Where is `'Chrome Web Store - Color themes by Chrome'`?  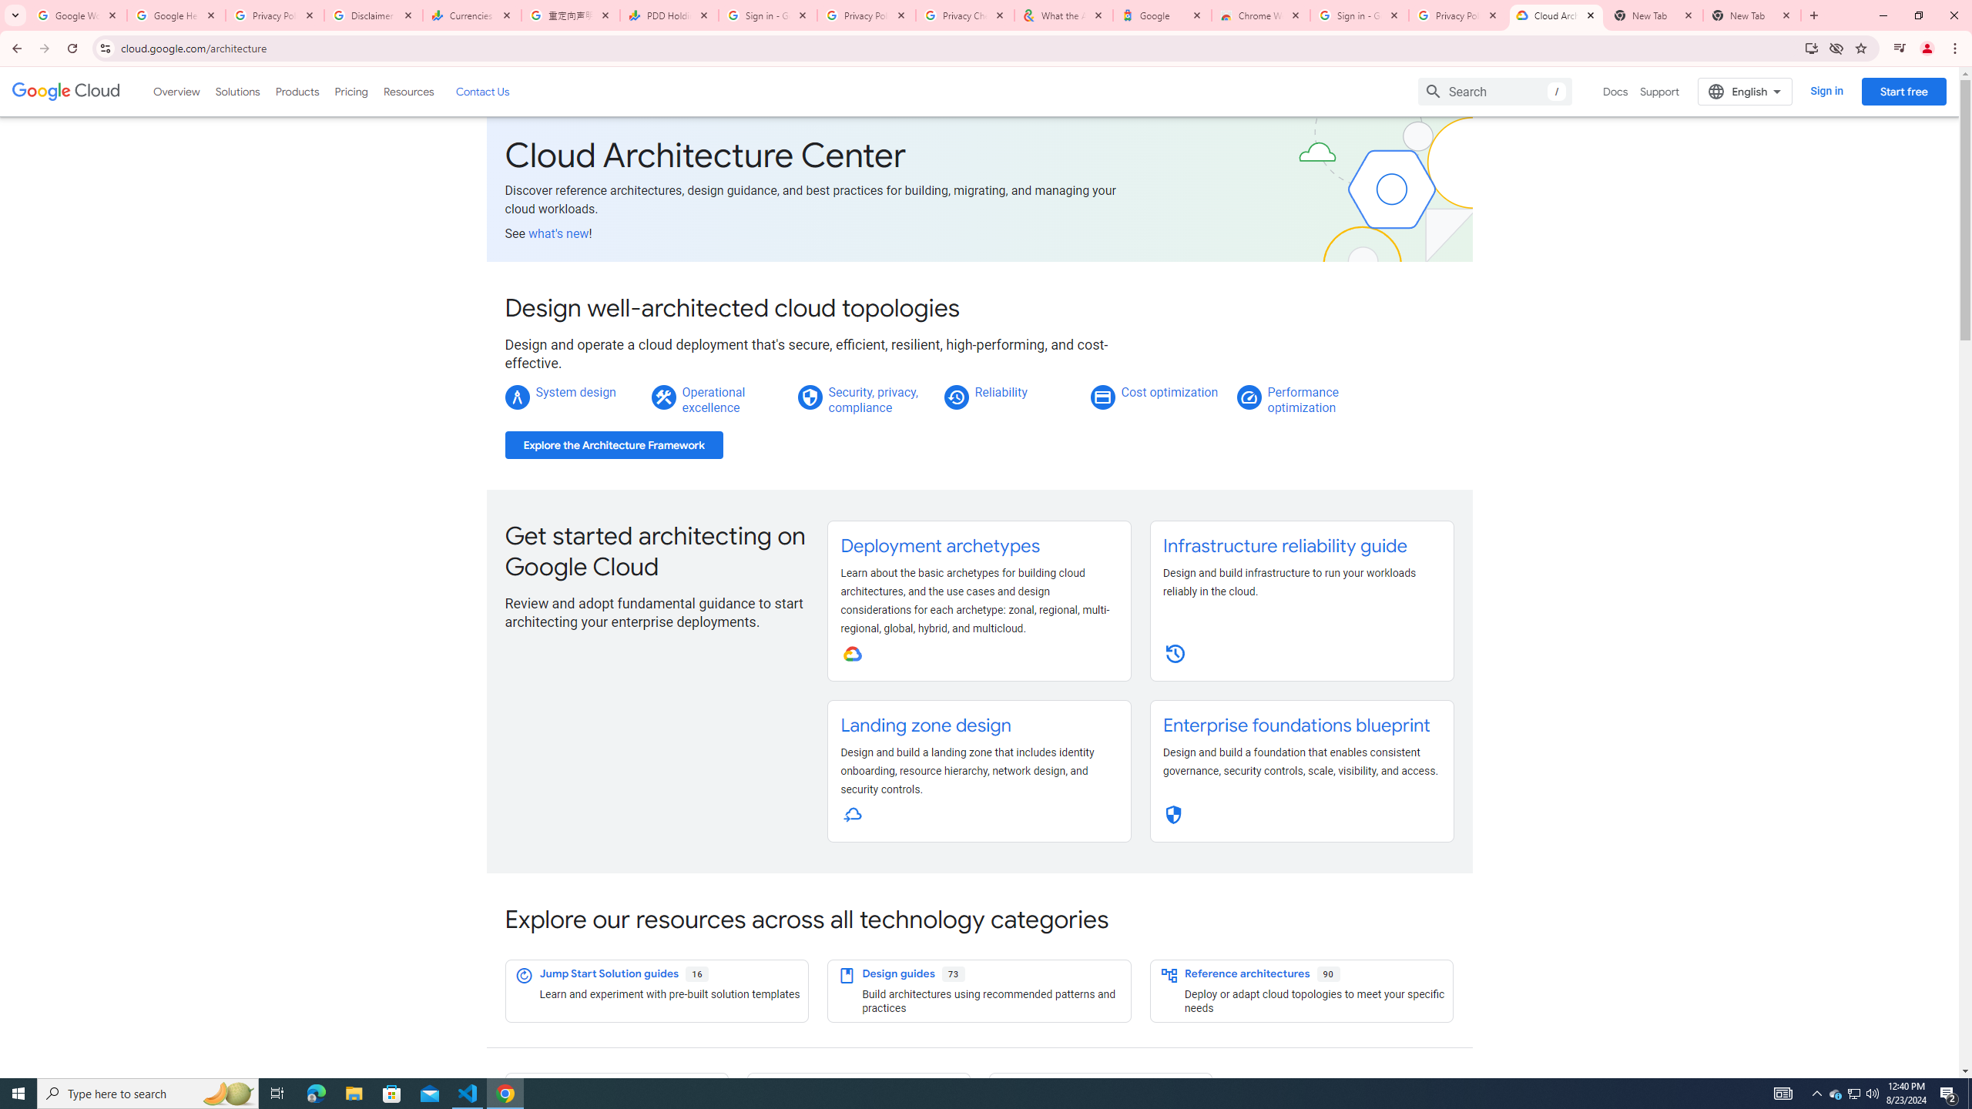
'Chrome Web Store - Color themes by Chrome' is located at coordinates (1260, 15).